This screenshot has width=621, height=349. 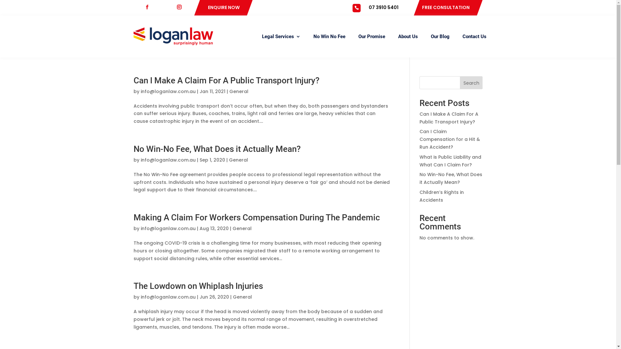 What do you see at coordinates (223, 7) in the screenshot?
I see `'ENQUIRE NOW'` at bounding box center [223, 7].